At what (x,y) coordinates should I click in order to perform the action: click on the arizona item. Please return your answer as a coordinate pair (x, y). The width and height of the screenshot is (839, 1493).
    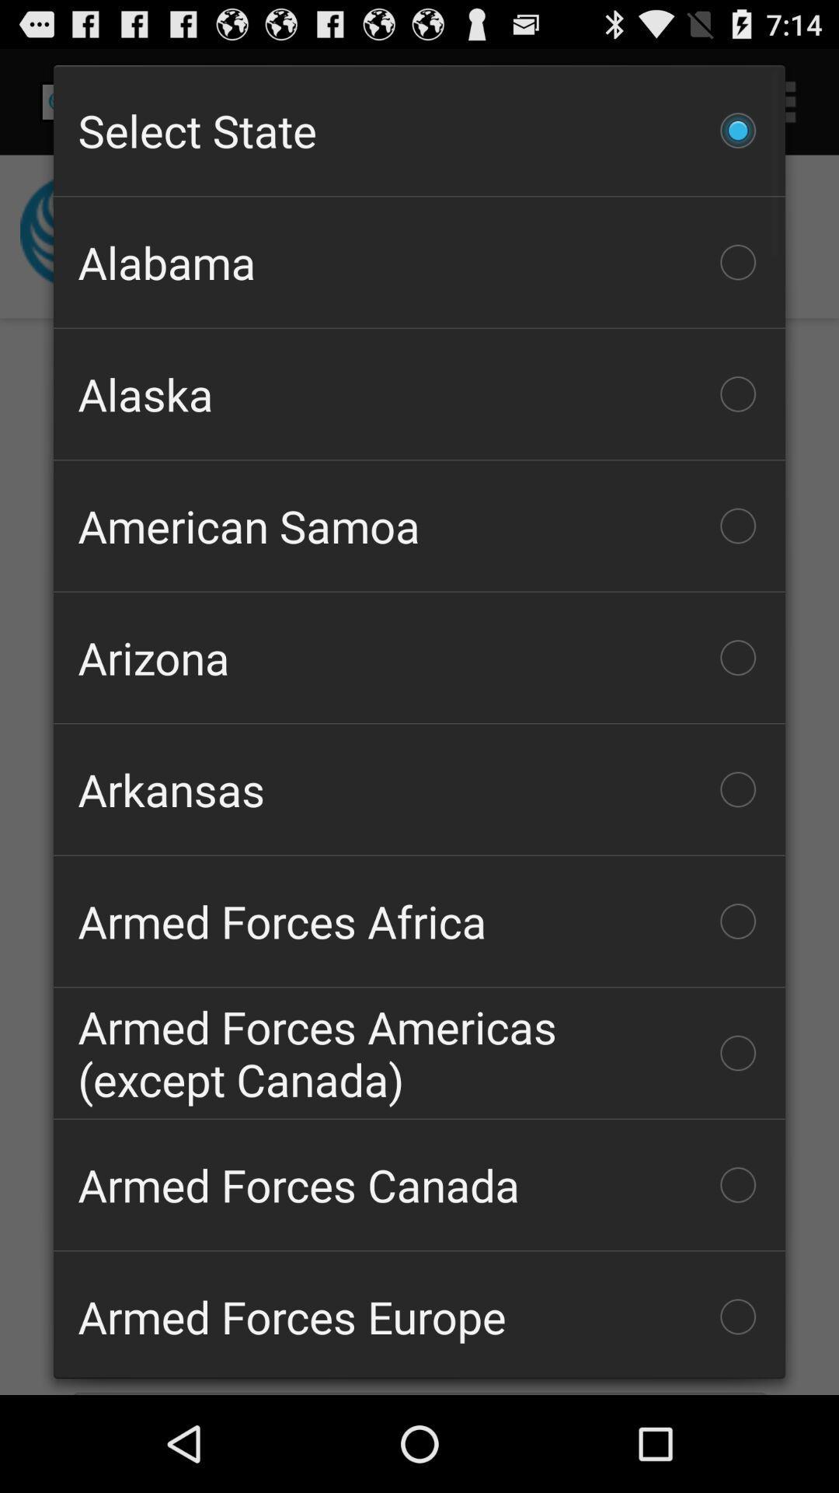
    Looking at the image, I should click on (419, 657).